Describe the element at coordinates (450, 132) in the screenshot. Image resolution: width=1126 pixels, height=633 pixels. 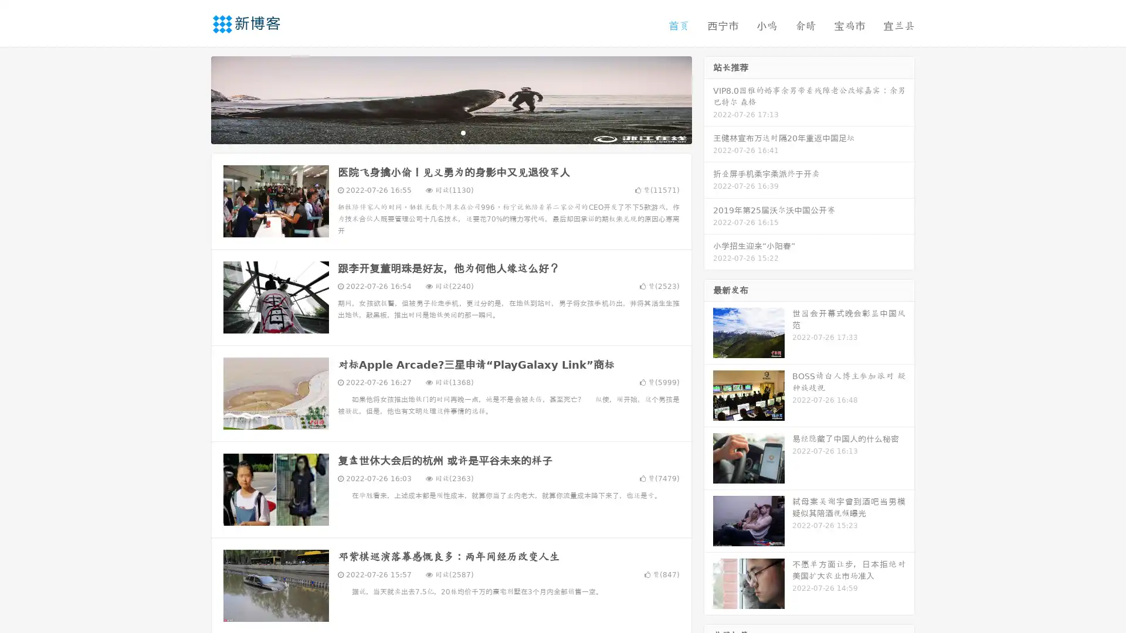
I see `Go to slide 2` at that location.